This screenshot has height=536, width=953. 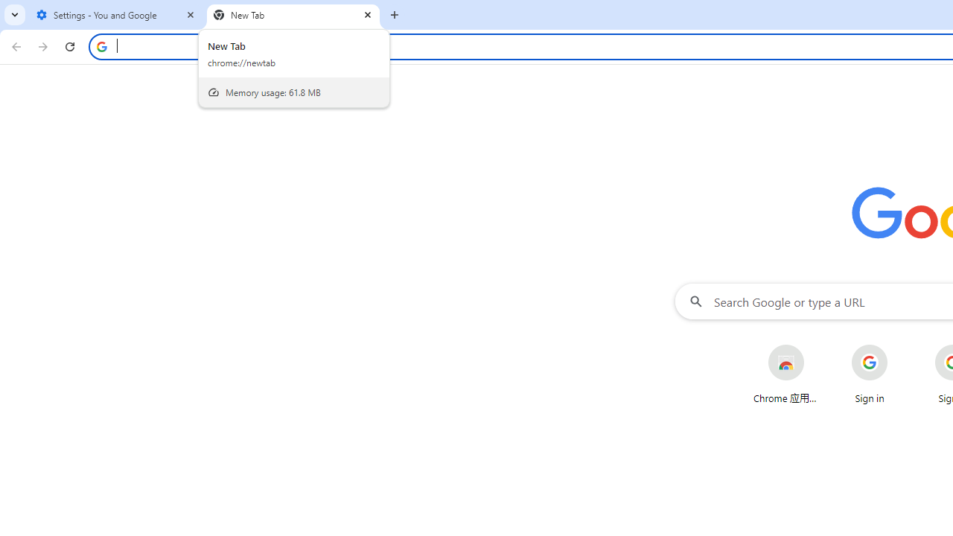 What do you see at coordinates (115, 15) in the screenshot?
I see `'Settings - You and Google'` at bounding box center [115, 15].